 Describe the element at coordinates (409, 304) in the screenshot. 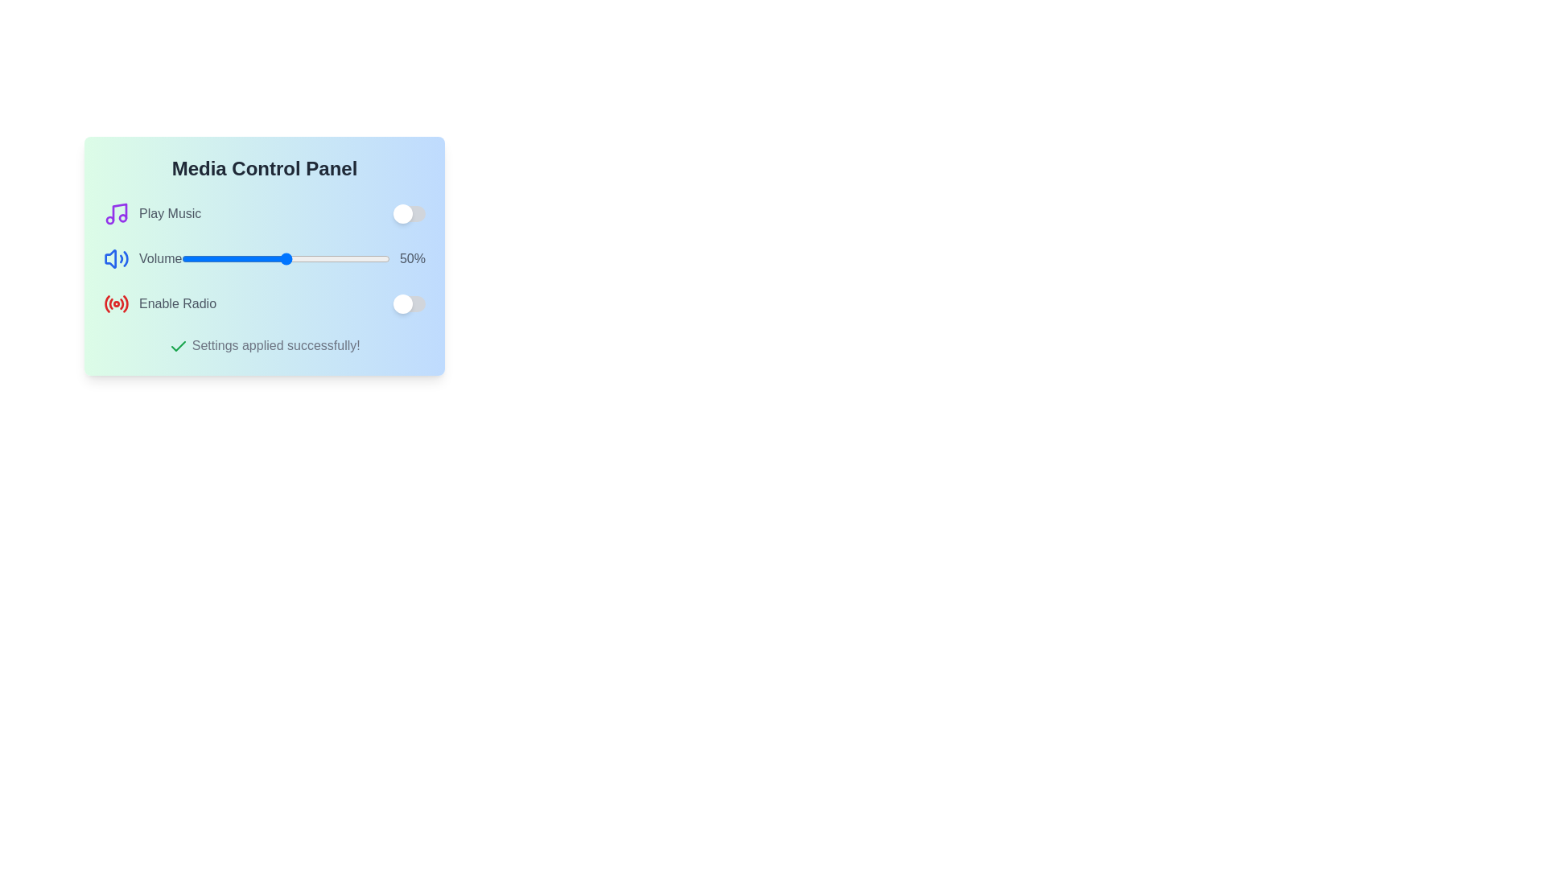

I see `the toggle switch located under the 'Enable Radio' option to change its state` at that location.